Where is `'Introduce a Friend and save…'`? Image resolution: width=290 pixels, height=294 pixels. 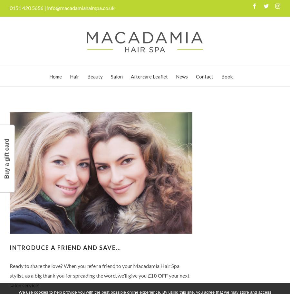 'Introduce a Friend and save…' is located at coordinates (65, 247).